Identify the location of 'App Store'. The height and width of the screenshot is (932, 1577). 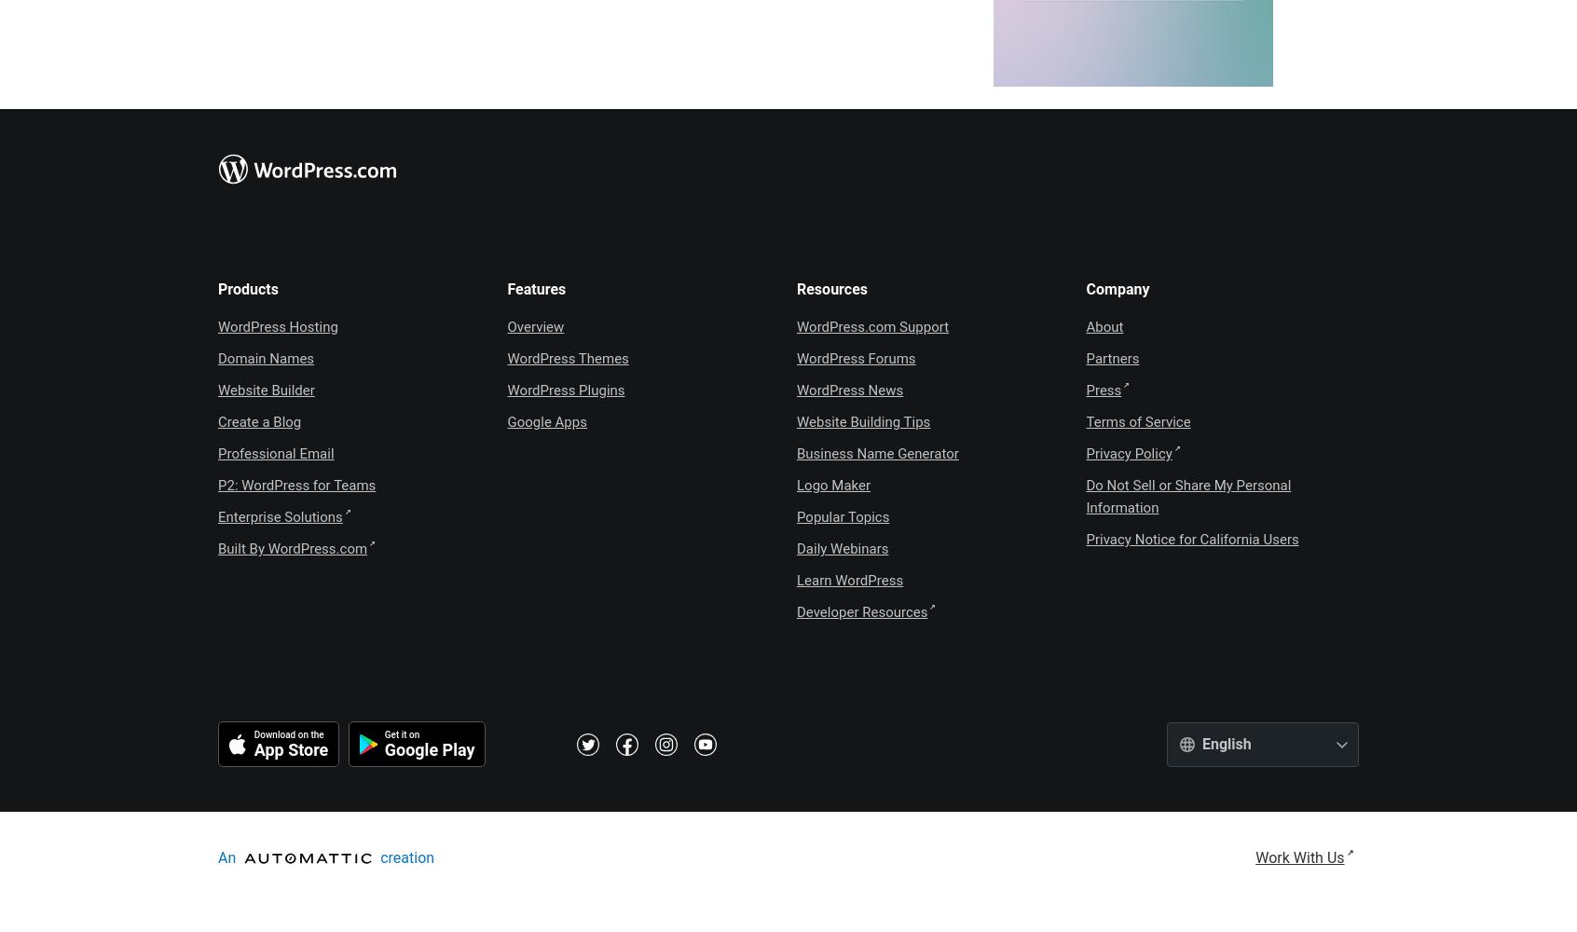
(290, 749).